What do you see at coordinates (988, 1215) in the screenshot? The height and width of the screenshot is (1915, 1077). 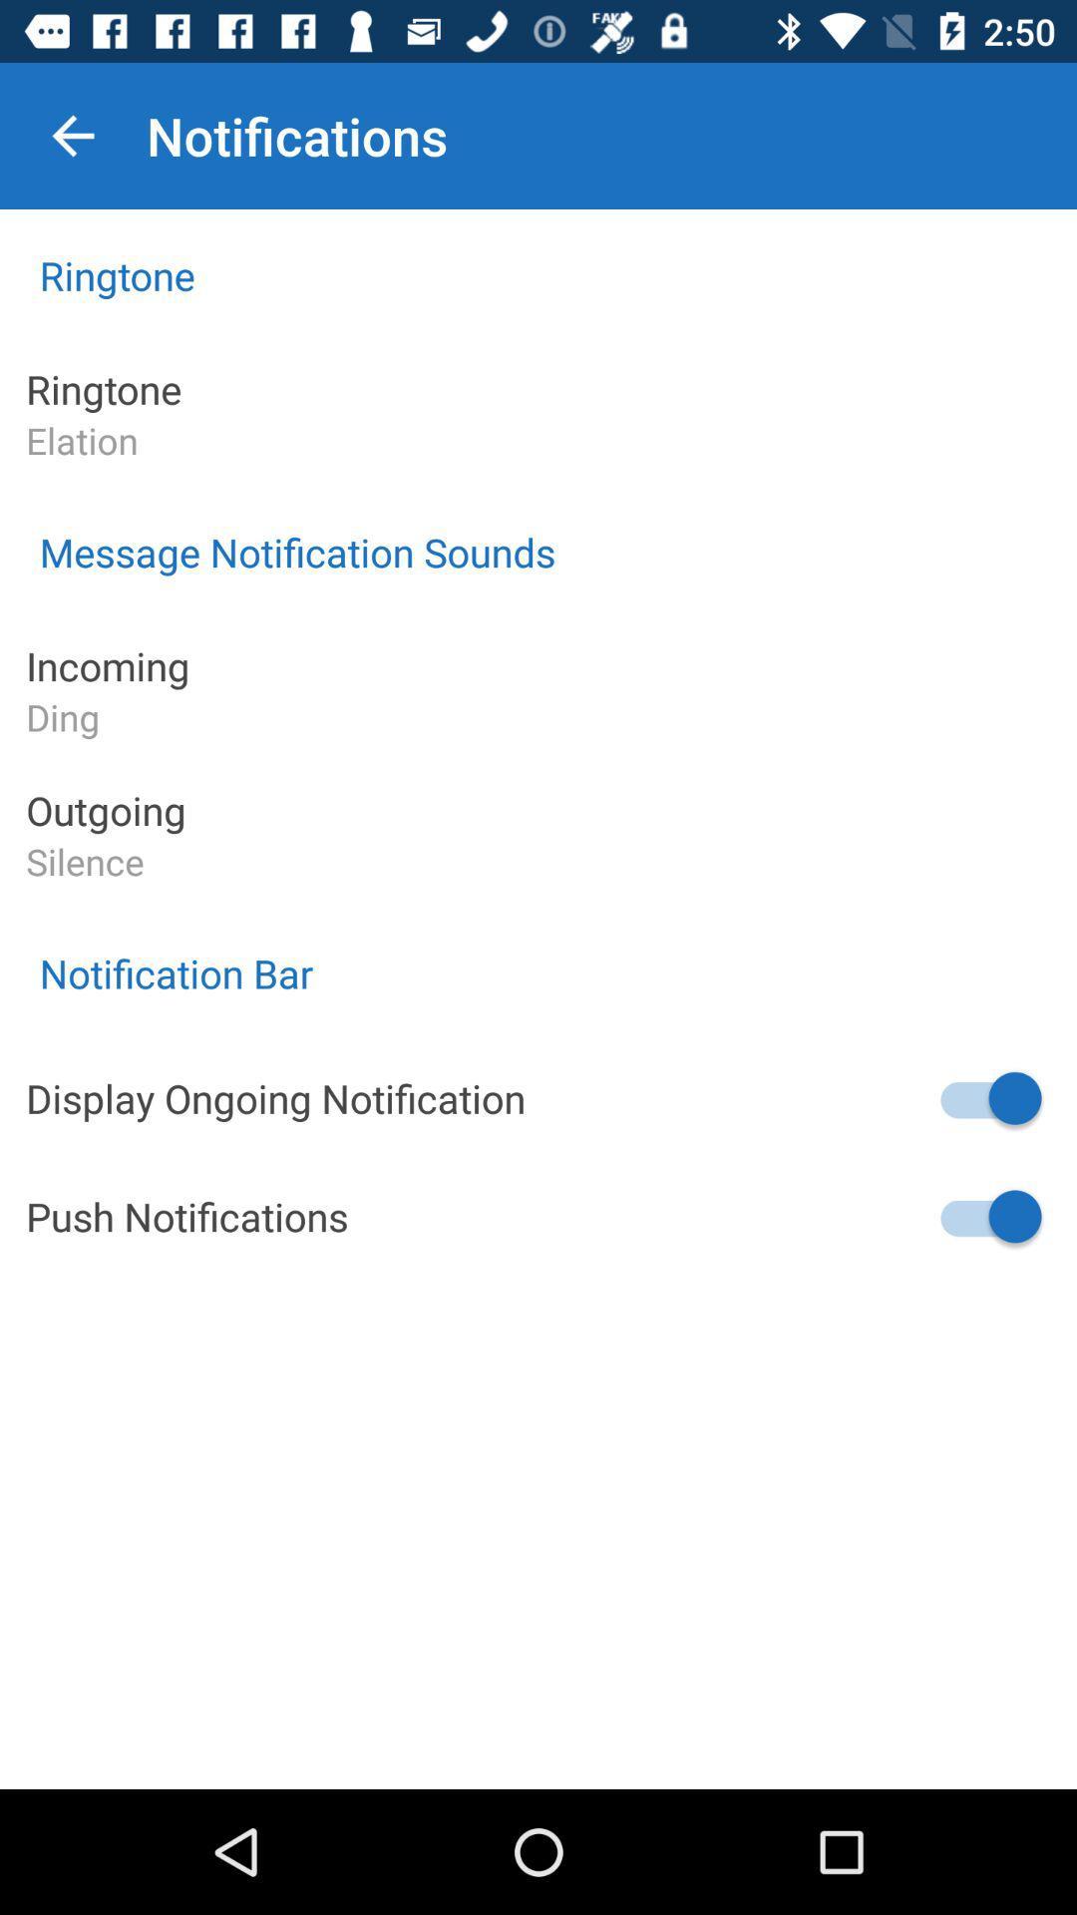 I see `push notifications` at bounding box center [988, 1215].